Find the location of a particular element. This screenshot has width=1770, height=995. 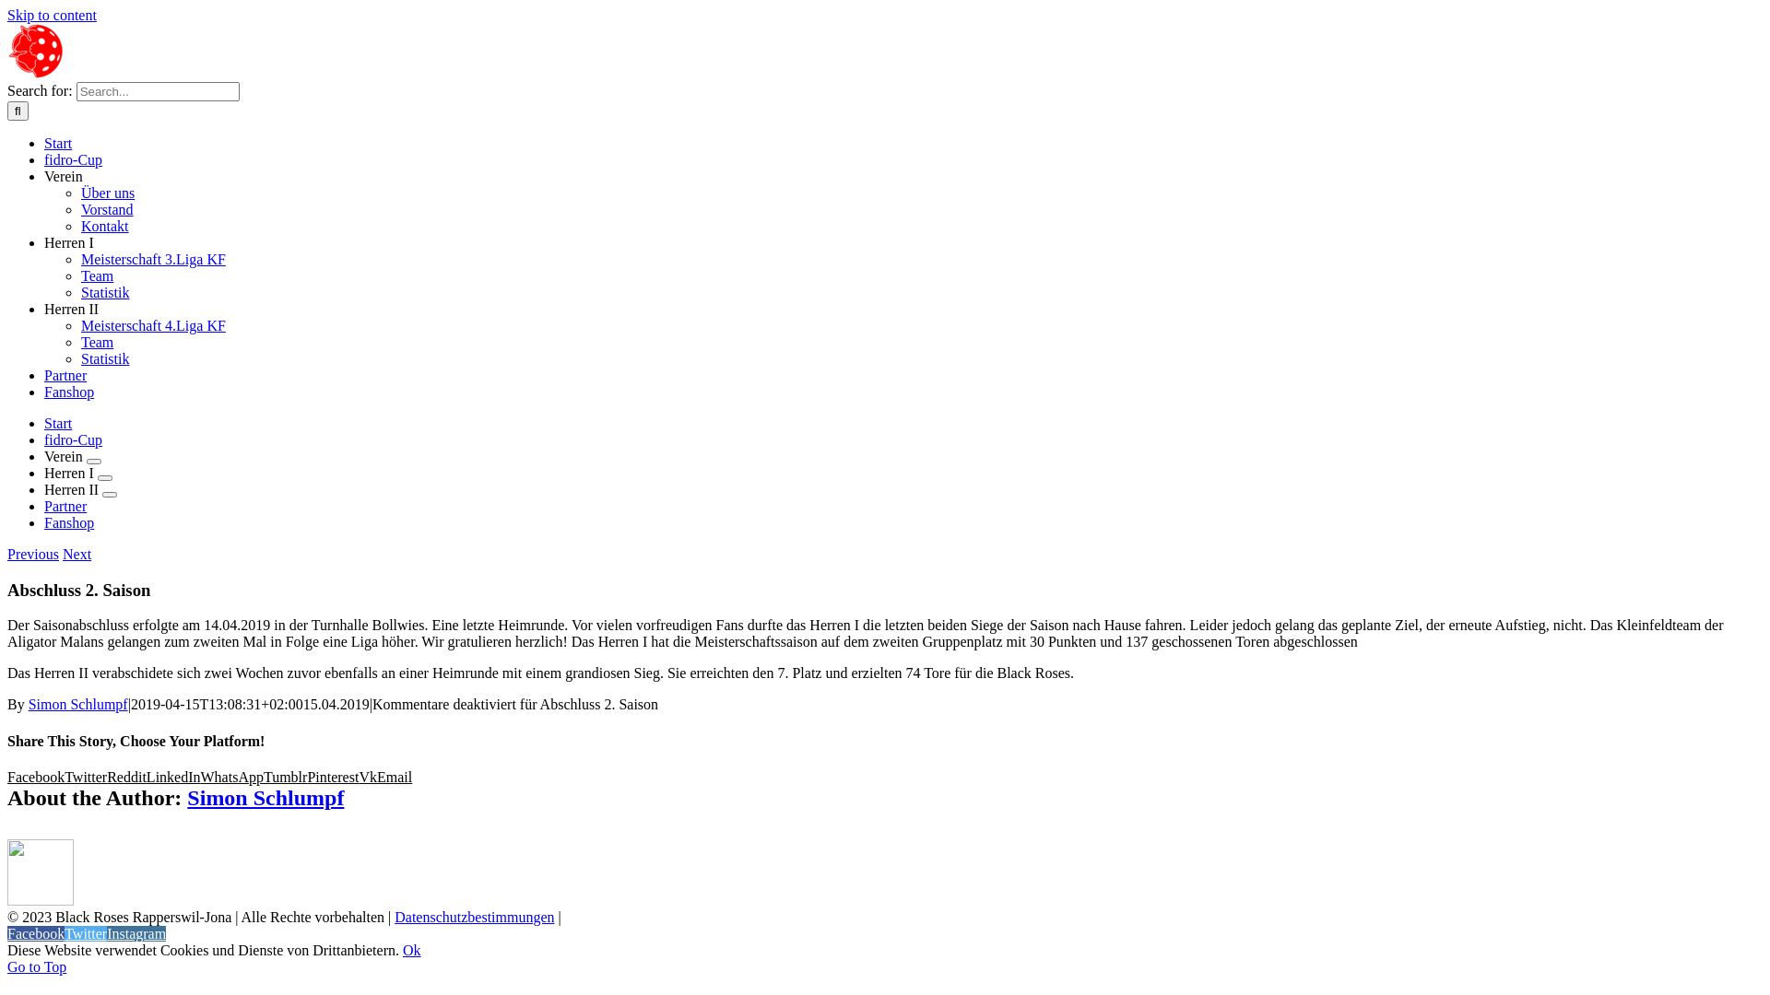

'Reddit' is located at coordinates (105, 777).